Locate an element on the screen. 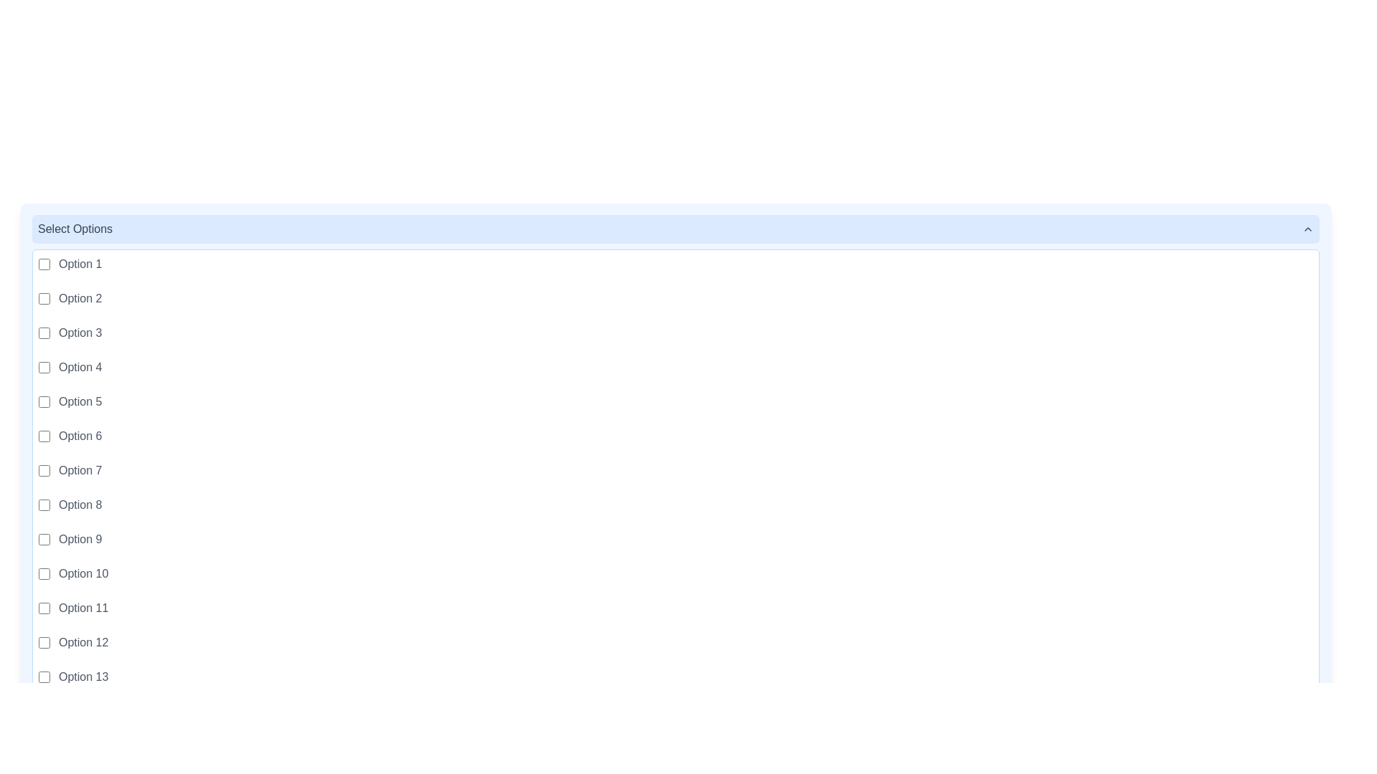 Image resolution: width=1377 pixels, height=774 pixels. the checkbox with a blue border and a blue tick associated with the label 'Option 12' is located at coordinates (44, 642).